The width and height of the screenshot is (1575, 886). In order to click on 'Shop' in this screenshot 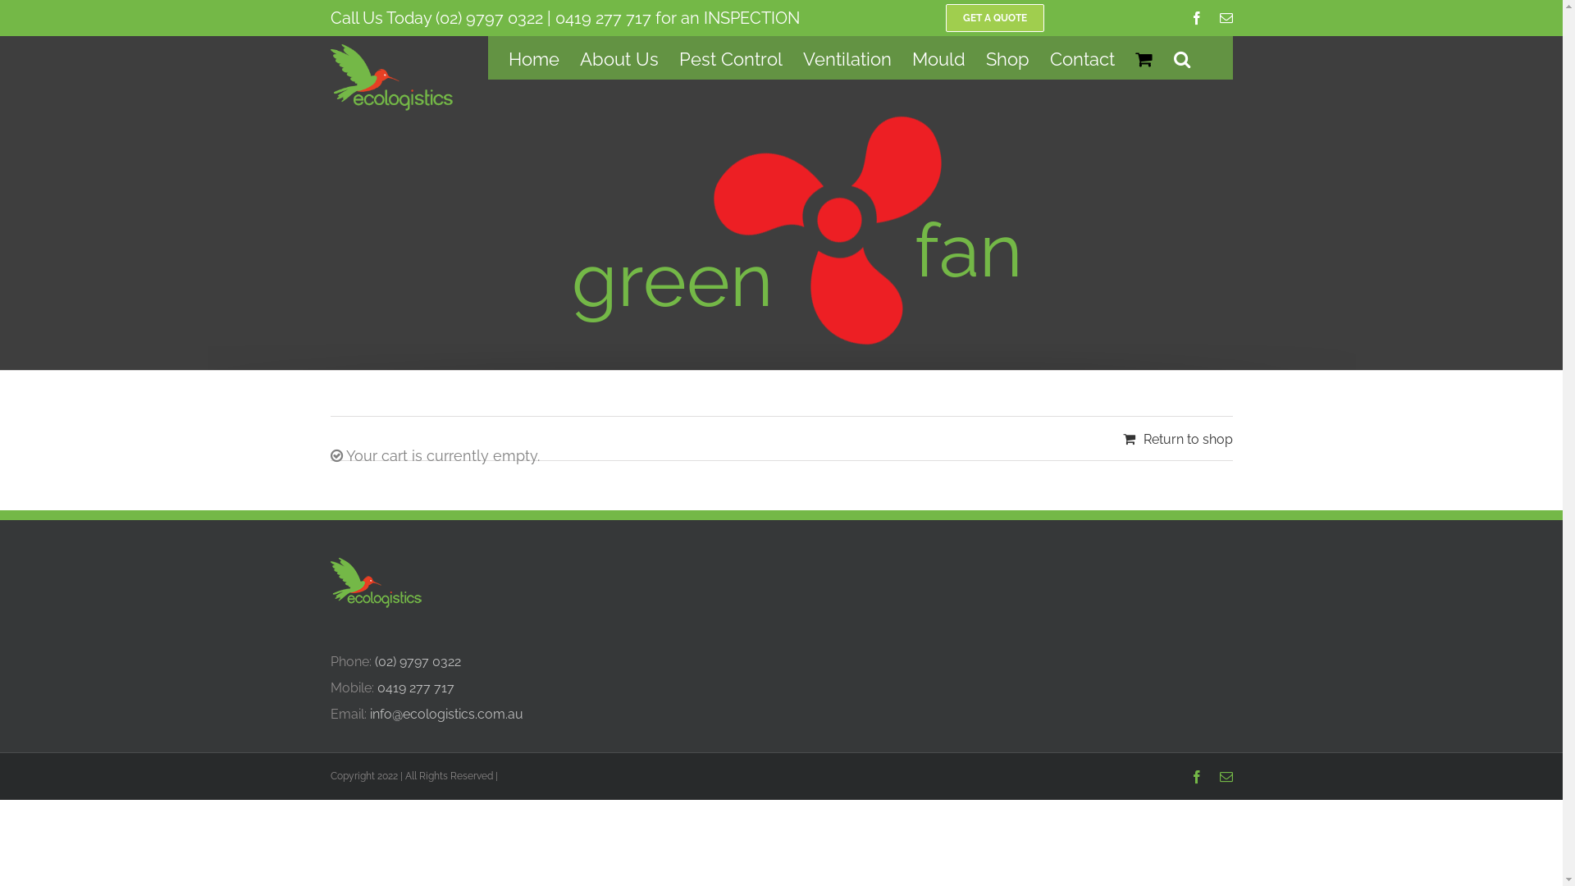, I will do `click(1007, 57)`.